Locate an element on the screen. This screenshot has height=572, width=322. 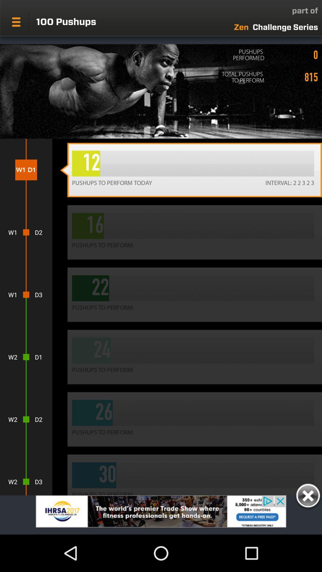
advertisement is located at coordinates (161, 515).